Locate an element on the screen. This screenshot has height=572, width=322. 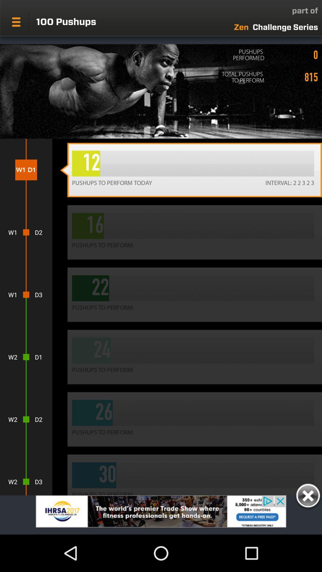
advertisement is located at coordinates (161, 515).